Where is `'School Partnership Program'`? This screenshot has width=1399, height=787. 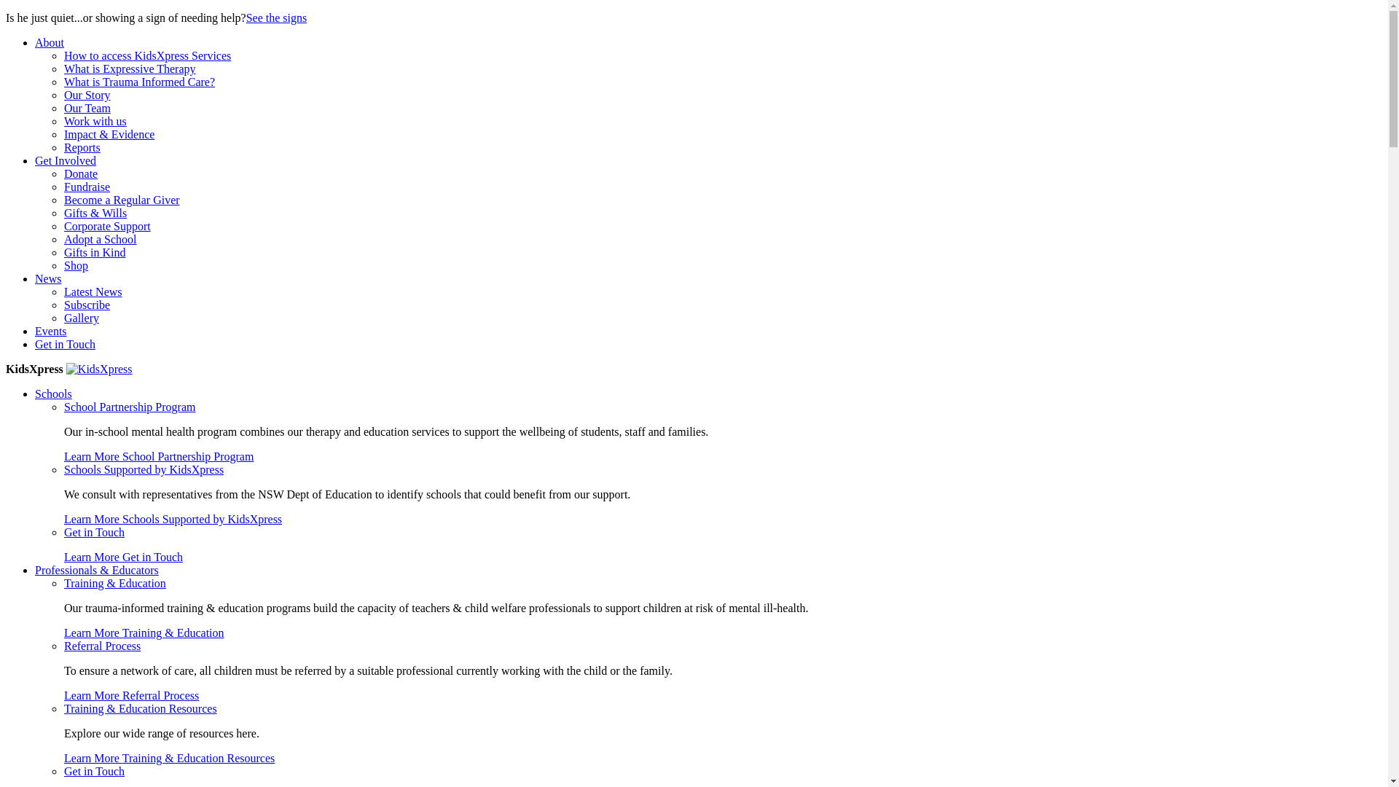
'School Partnership Program' is located at coordinates (129, 407).